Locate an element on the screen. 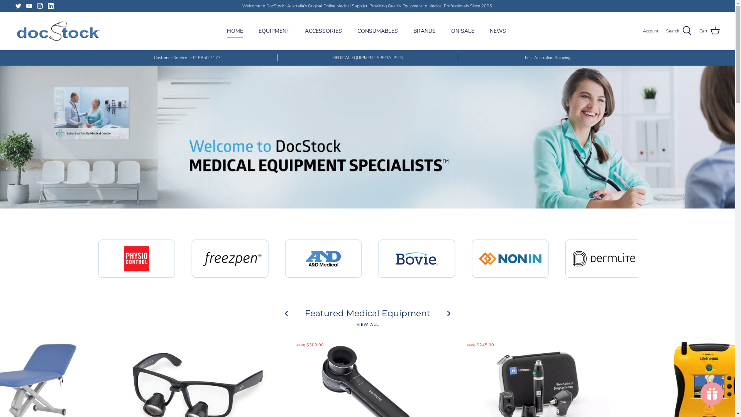  'HOME' is located at coordinates (235, 31).